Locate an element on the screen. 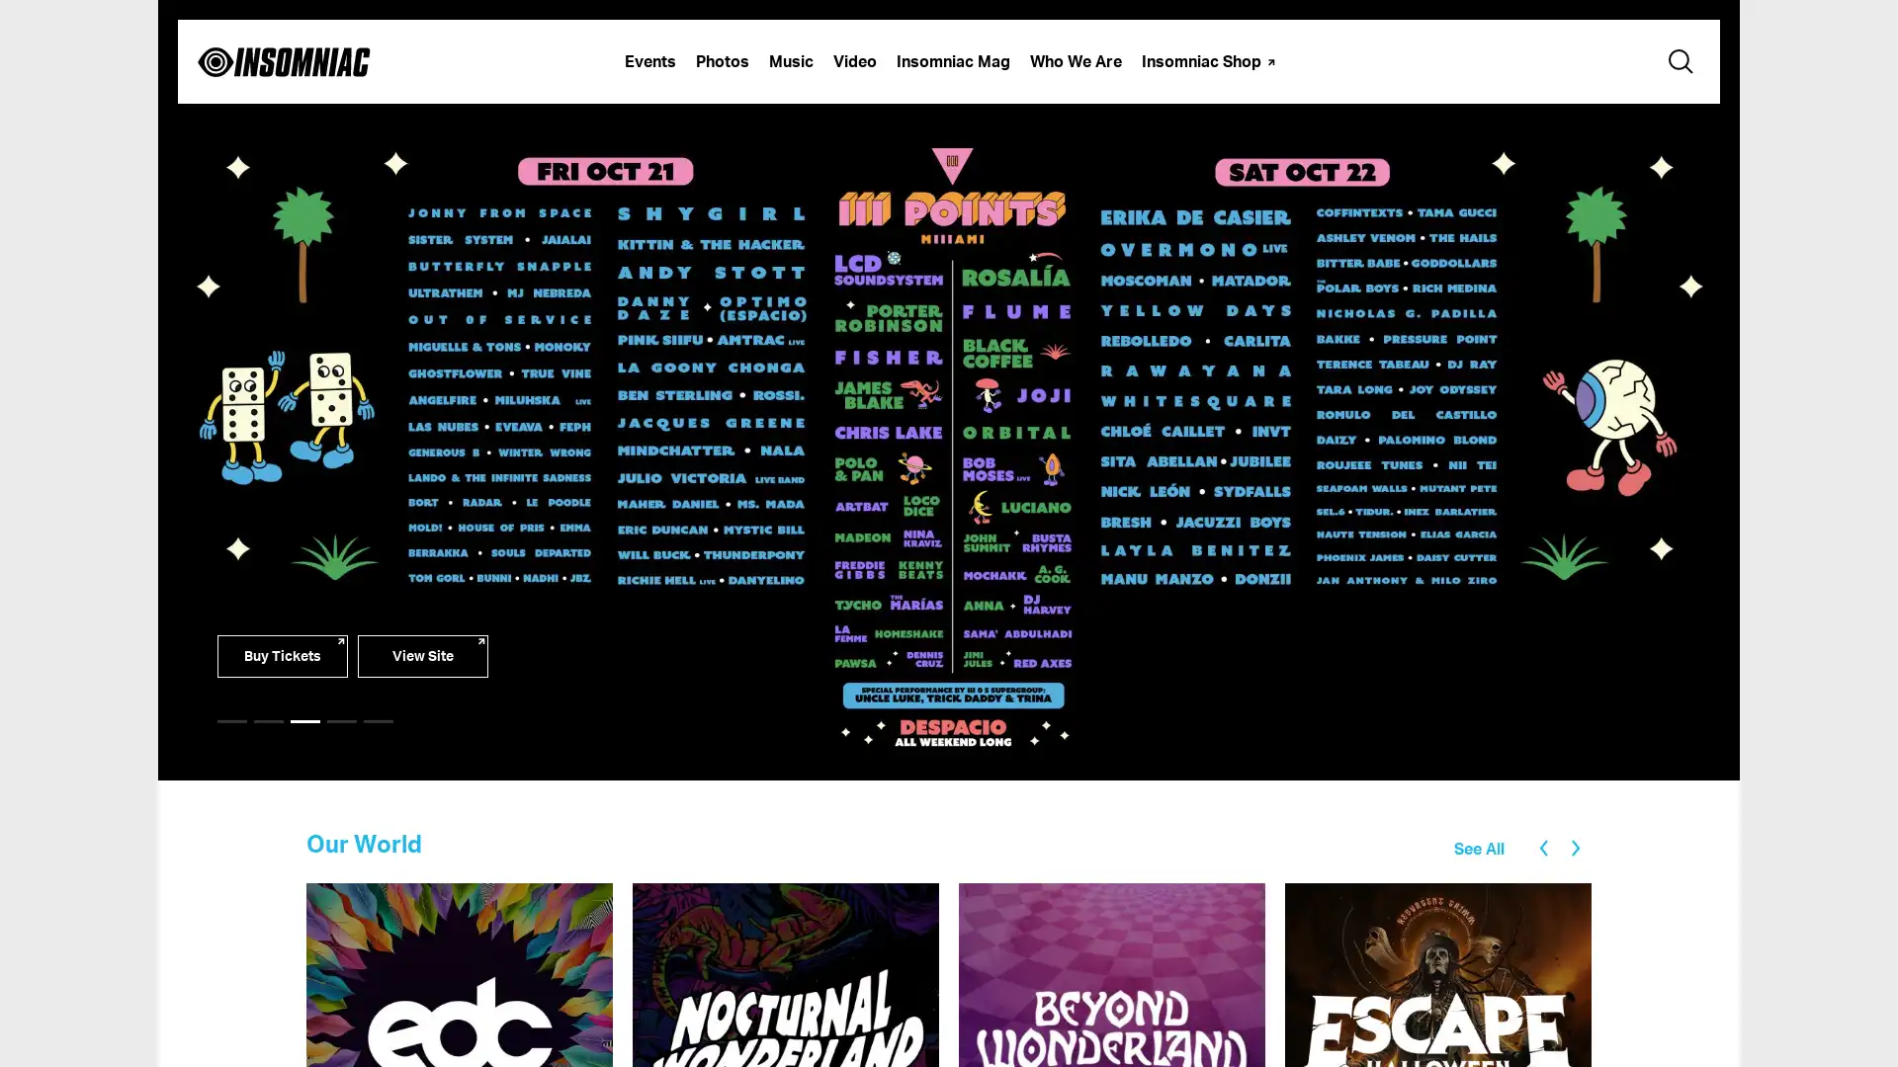  Subscribe is located at coordinates (949, 325).